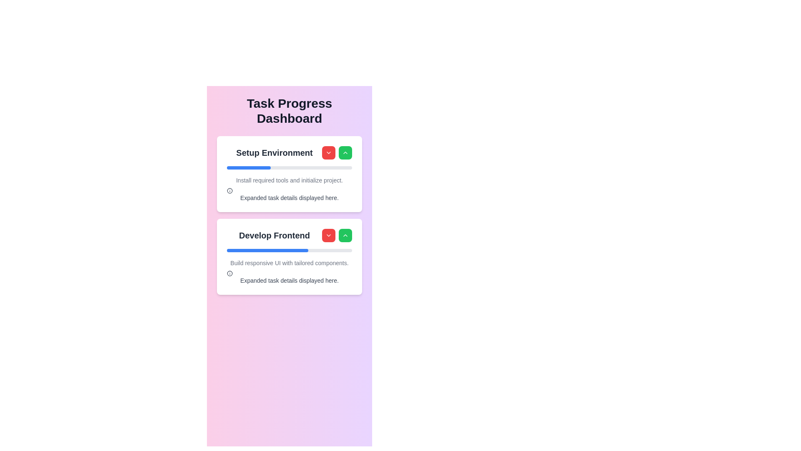 This screenshot has height=451, width=801. What do you see at coordinates (328, 235) in the screenshot?
I see `the toggle button located to the right of the 'Develop Frontend' section title` at bounding box center [328, 235].